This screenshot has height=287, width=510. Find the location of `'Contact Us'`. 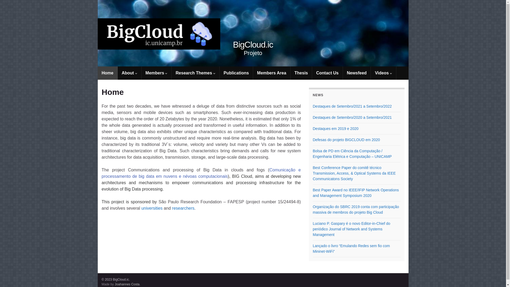

'Contact Us' is located at coordinates (327, 73).